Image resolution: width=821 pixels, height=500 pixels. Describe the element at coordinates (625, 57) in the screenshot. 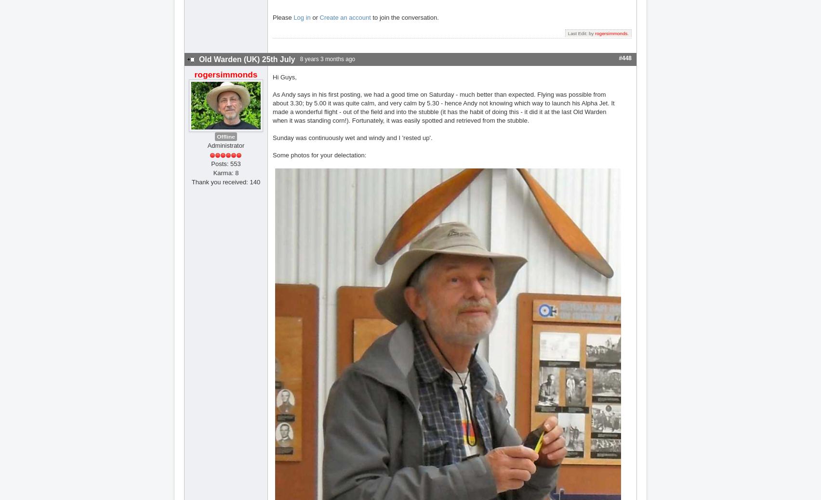

I see `'#448'` at that location.